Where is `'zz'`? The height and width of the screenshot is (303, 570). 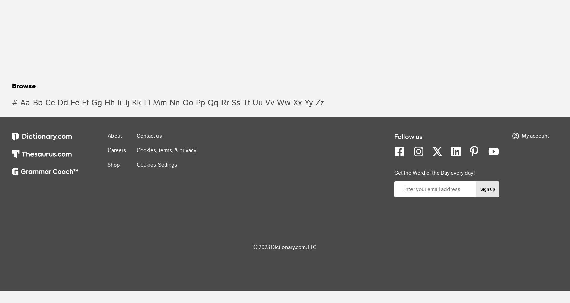 'zz' is located at coordinates (319, 102).